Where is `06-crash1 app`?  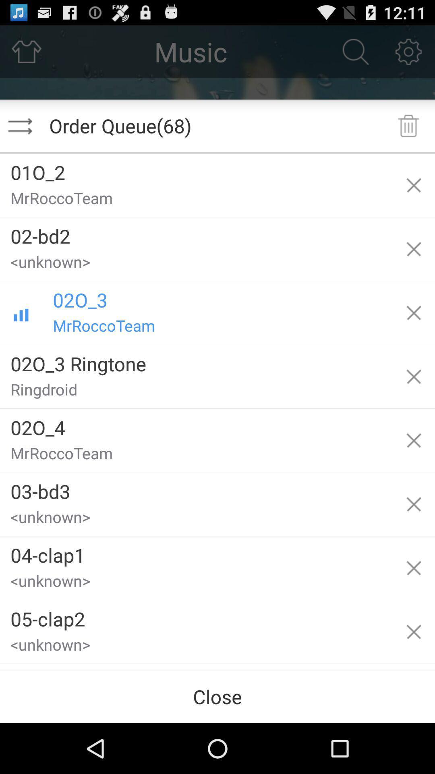
06-crash1 app is located at coordinates (196, 667).